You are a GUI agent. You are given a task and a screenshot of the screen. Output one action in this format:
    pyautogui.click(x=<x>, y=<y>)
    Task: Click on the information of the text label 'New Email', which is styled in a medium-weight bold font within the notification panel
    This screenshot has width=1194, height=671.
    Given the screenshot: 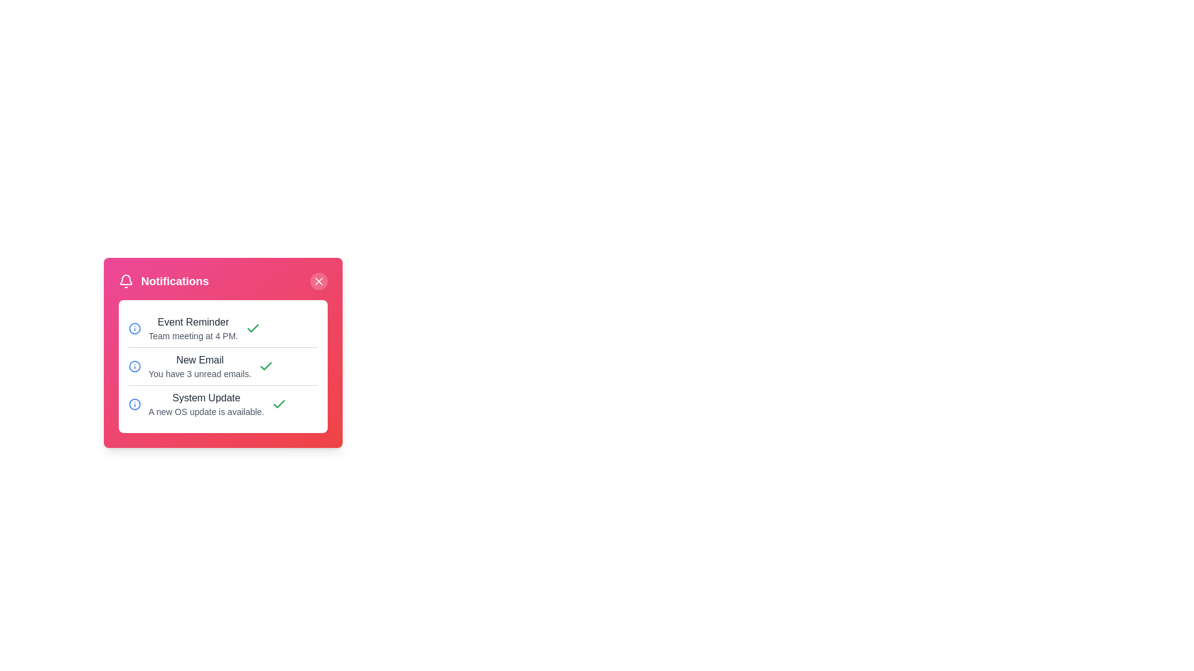 What is the action you would take?
    pyautogui.click(x=200, y=360)
    